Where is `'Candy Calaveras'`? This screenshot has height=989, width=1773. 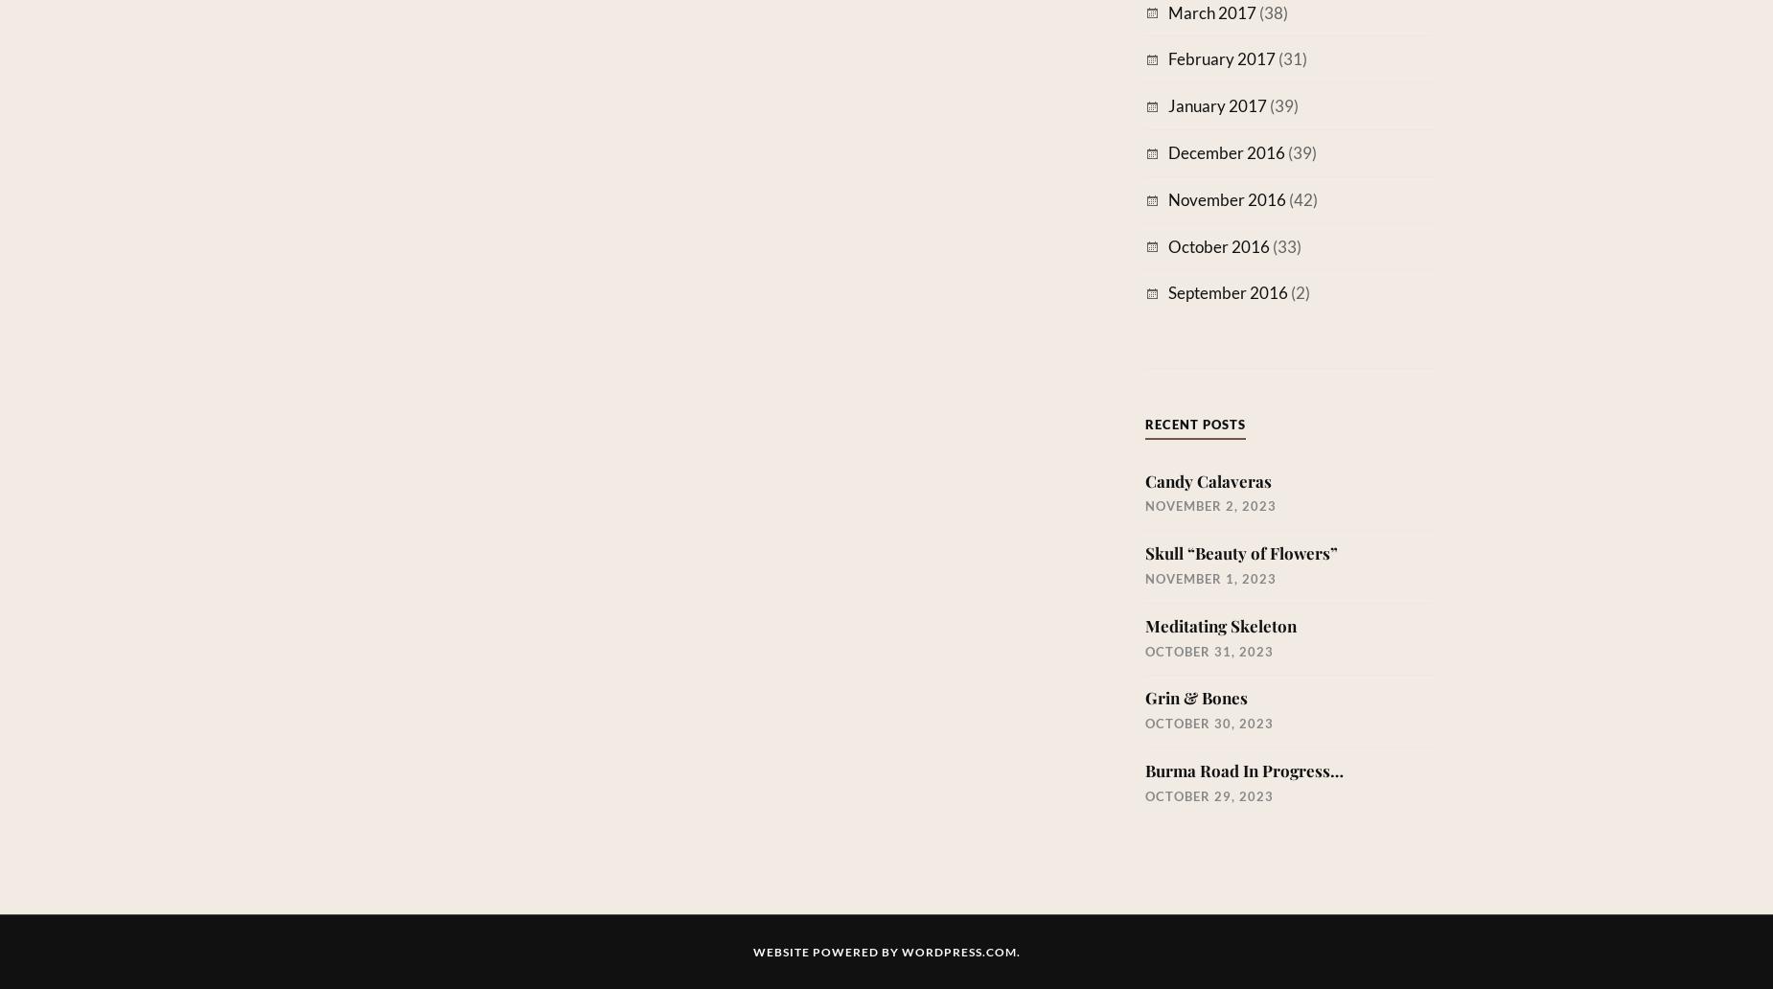 'Candy Calaveras' is located at coordinates (1207, 479).